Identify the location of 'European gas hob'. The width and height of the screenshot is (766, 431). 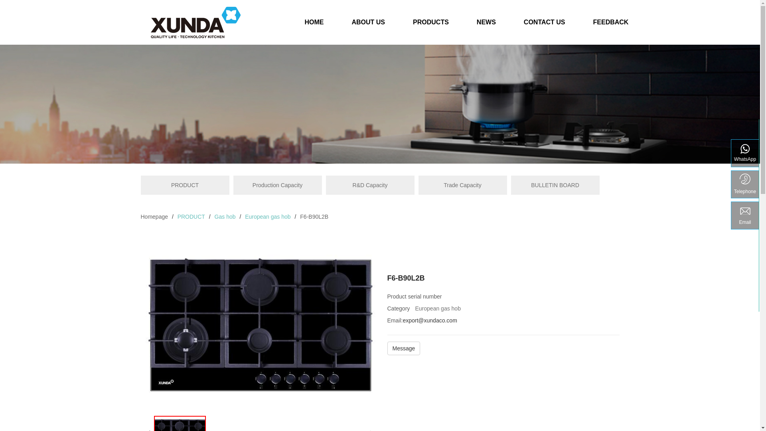
(245, 217).